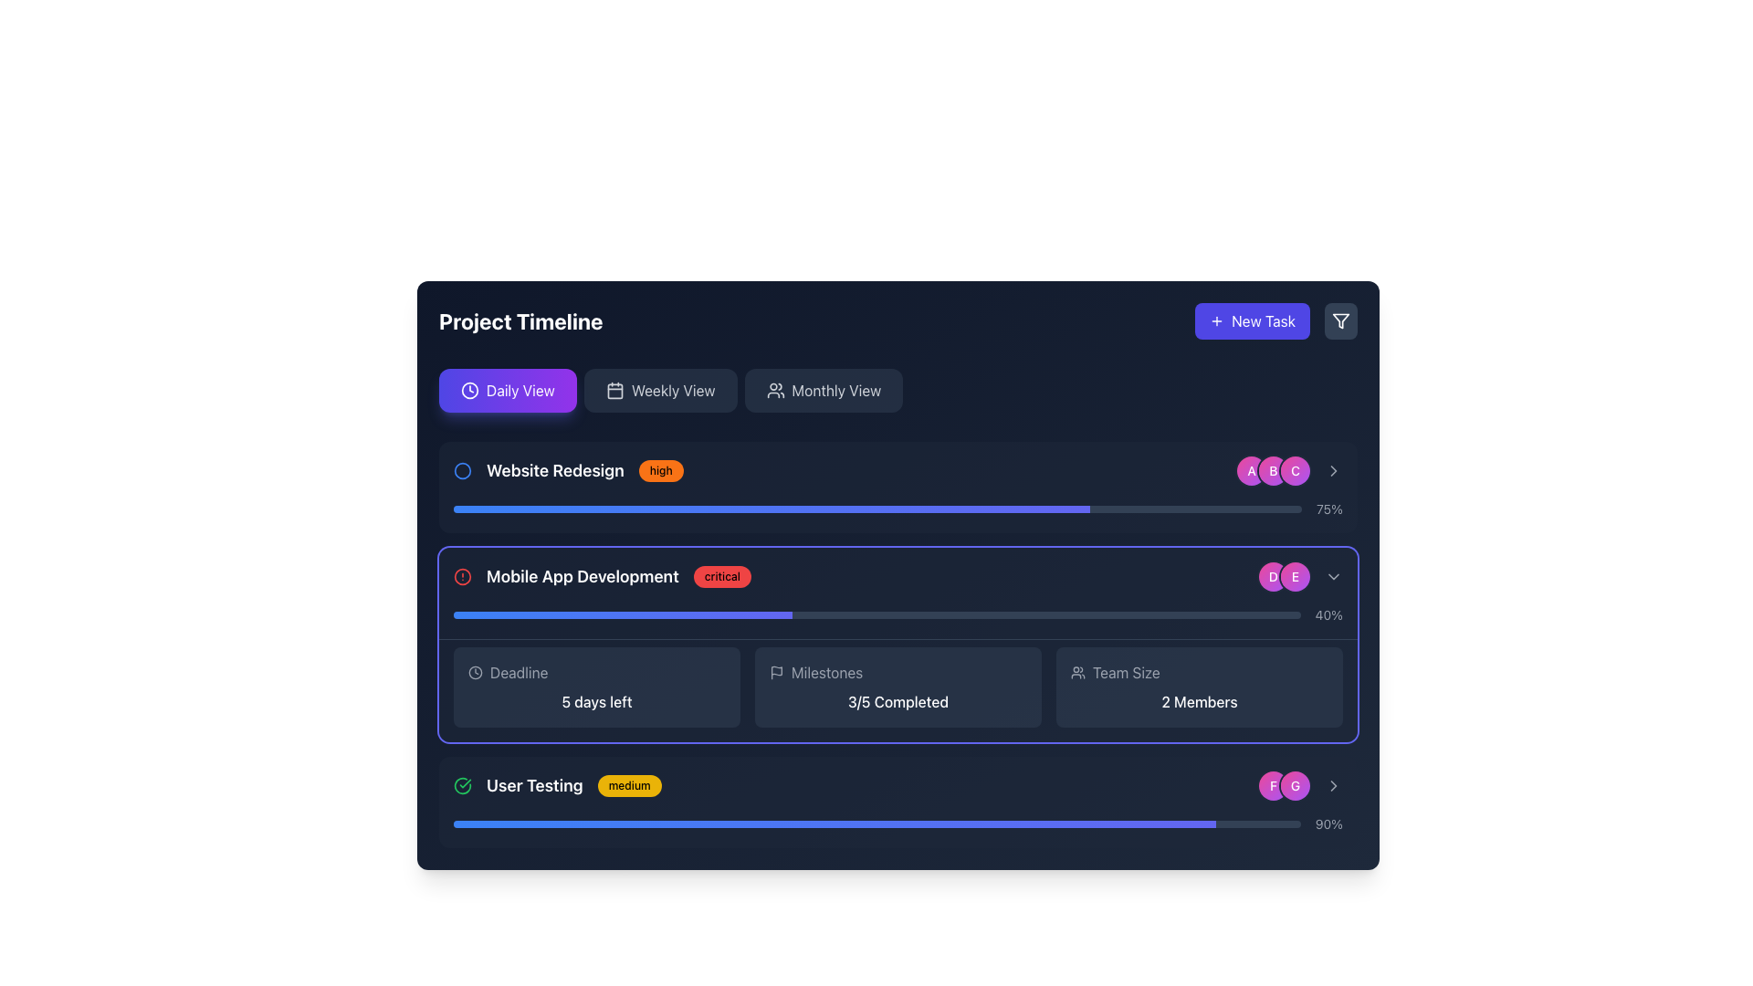 The image size is (1753, 986). What do you see at coordinates (1200, 700) in the screenshot?
I see `the static text display that shows '2 Members' in the 'Team Size' section of the dashboard` at bounding box center [1200, 700].